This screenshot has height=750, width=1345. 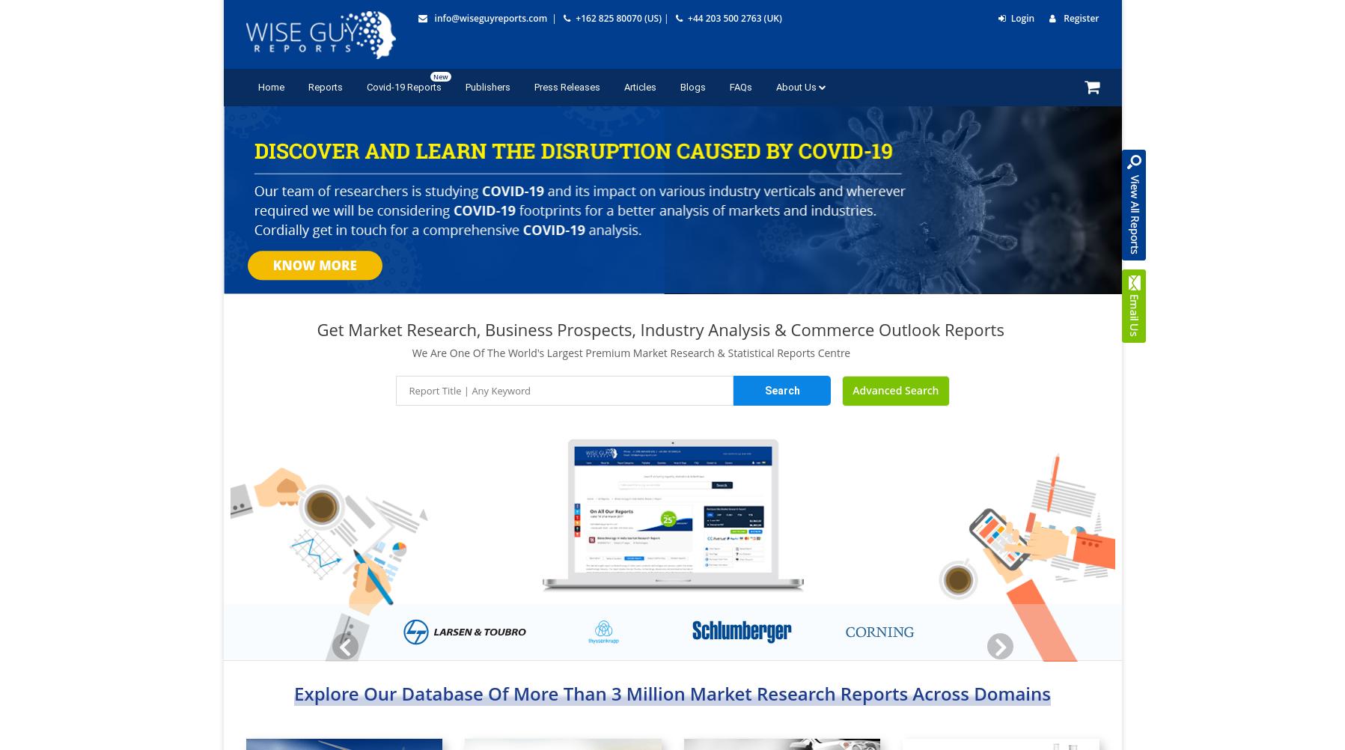 I want to click on 'We Are One Of The World's Largest Premium Market Research & Statistical Reports Centre', so click(x=629, y=351).